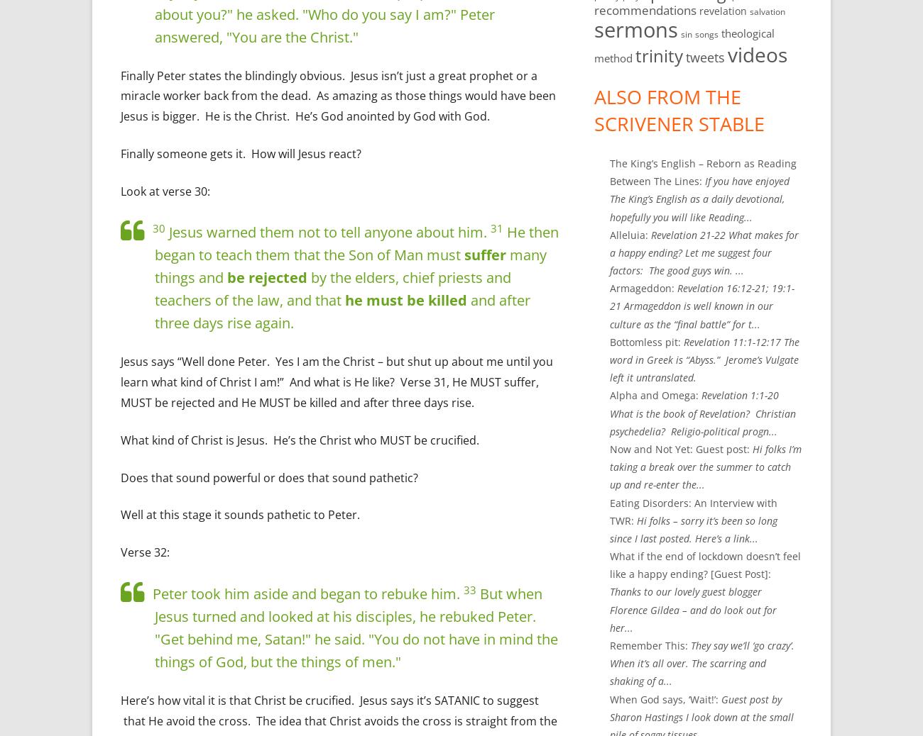 The height and width of the screenshot is (736, 923). I want to click on 'Revelation 16:12-21; 19:1-21 Armageddon is well known in our culture as the “final battle” for t...', so click(701, 306).